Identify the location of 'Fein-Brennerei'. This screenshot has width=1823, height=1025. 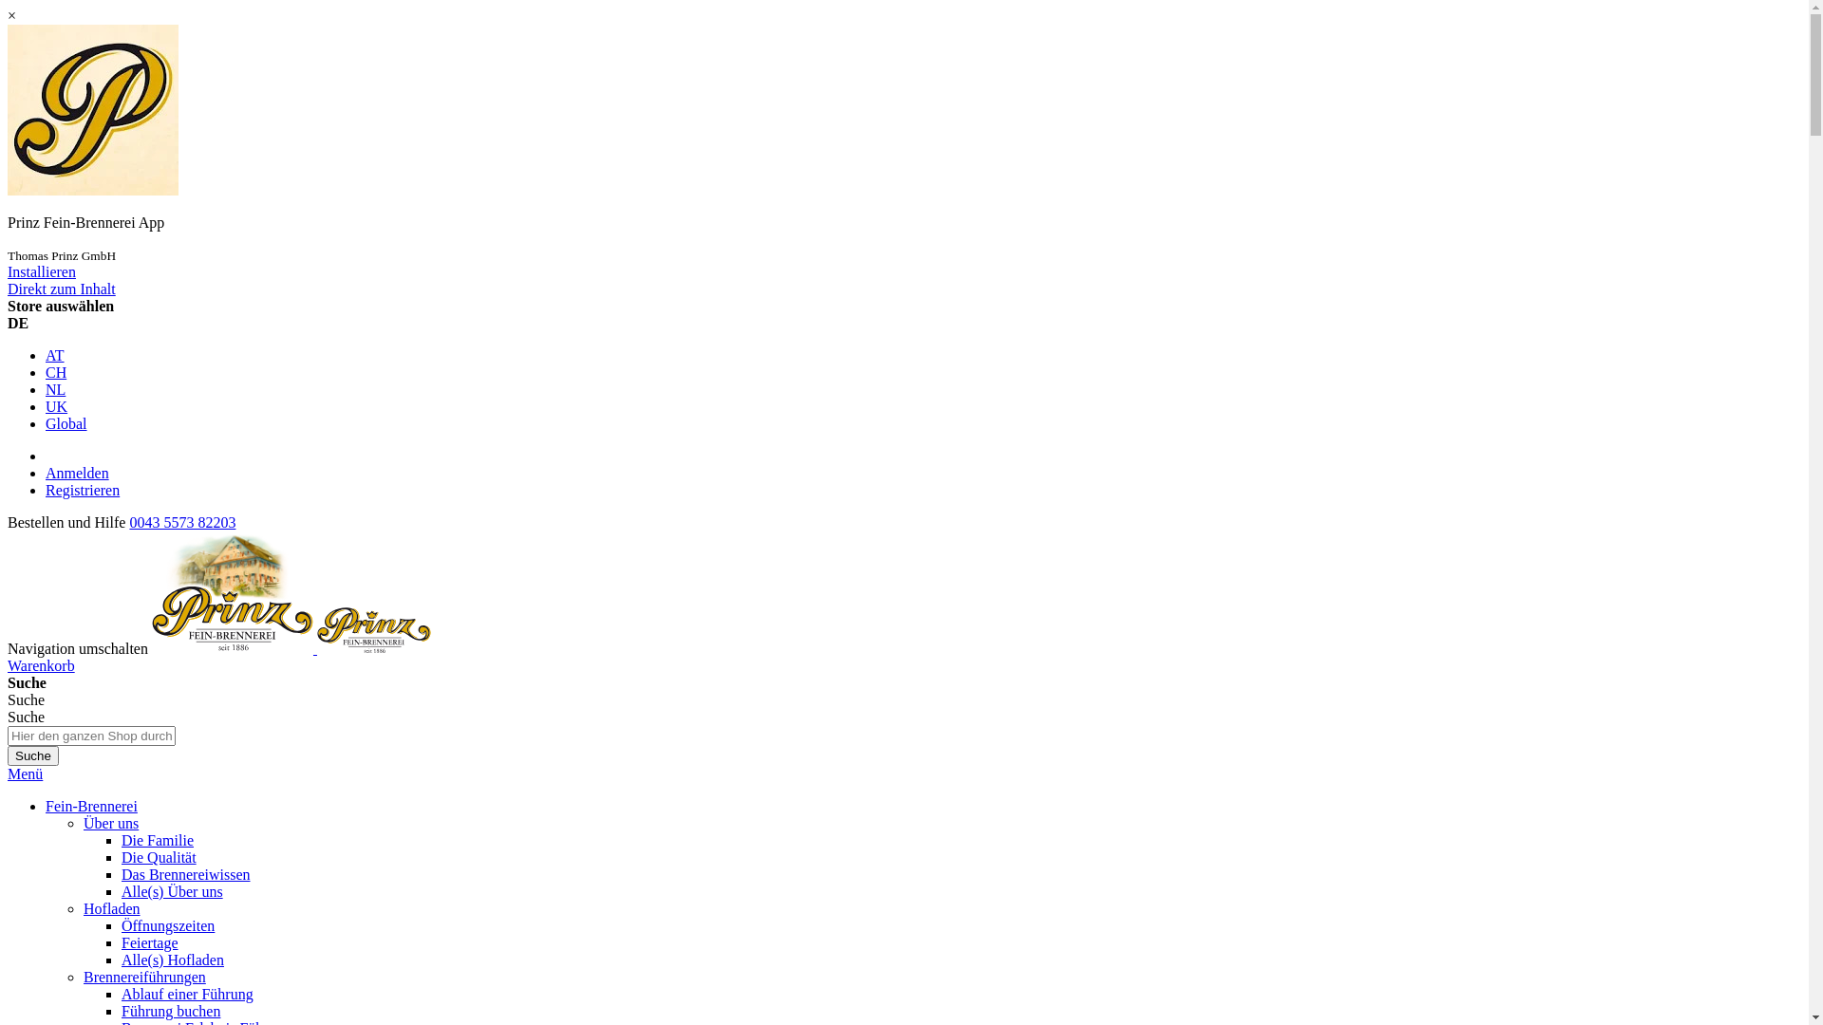
(46, 806).